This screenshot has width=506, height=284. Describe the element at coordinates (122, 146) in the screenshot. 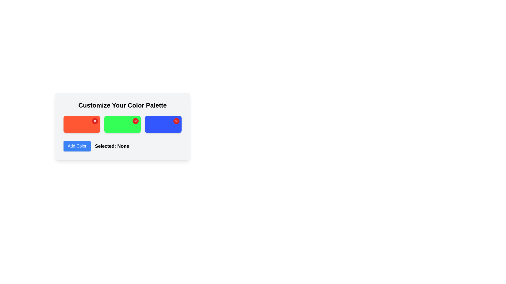

I see `text label 'Selected: None' next to the 'Add Color' button in the 'Customize Your Color Palette' section` at that location.